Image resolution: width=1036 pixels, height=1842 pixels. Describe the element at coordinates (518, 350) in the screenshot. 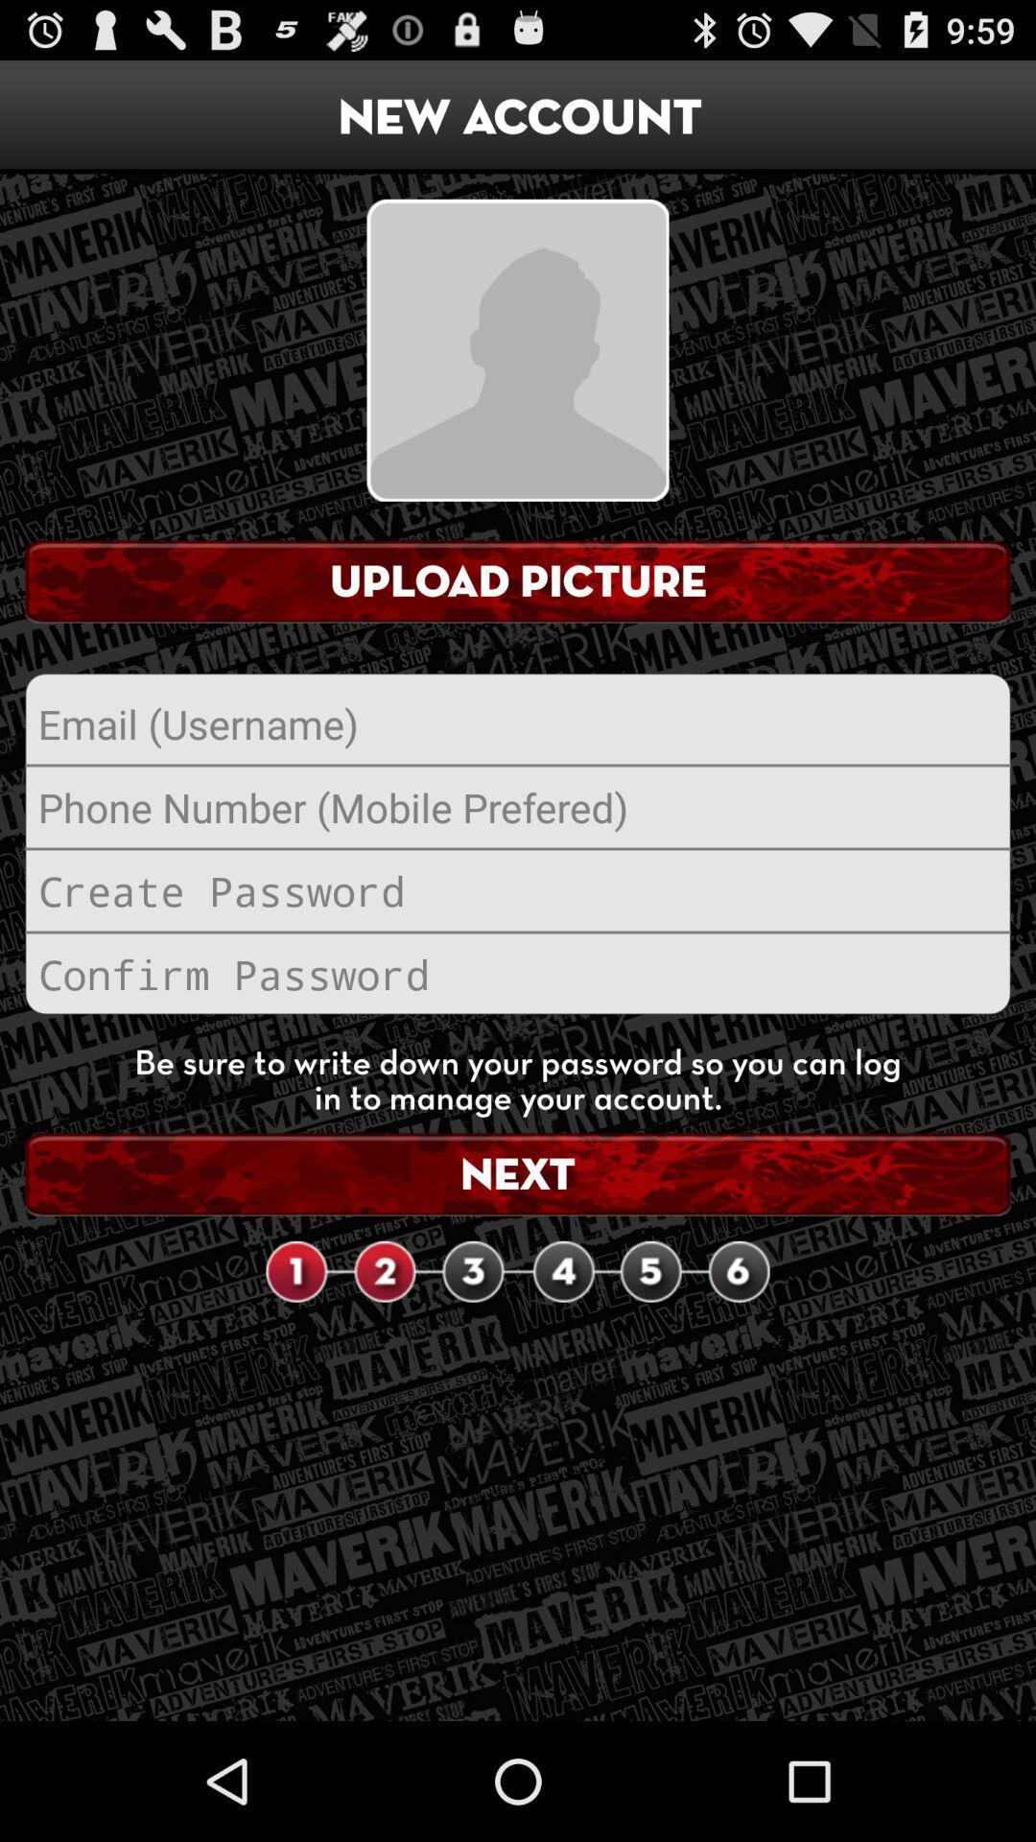

I see `the item below new account icon` at that location.